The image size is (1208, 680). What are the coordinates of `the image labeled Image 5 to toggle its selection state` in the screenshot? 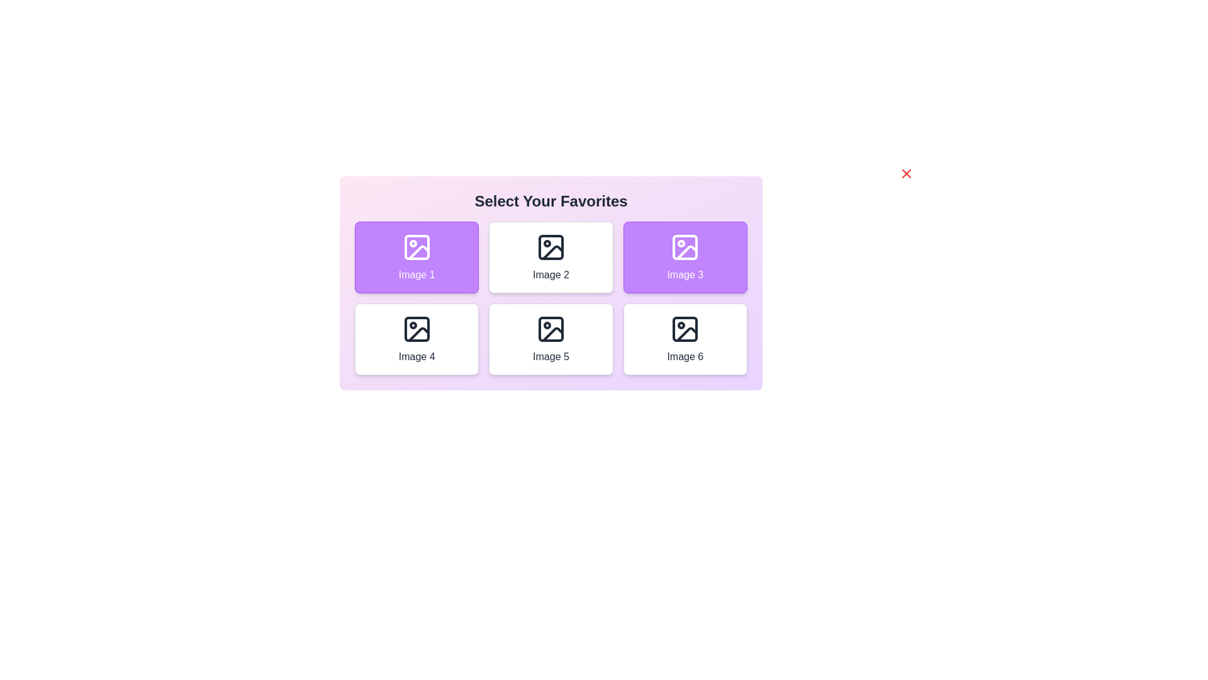 It's located at (551, 339).